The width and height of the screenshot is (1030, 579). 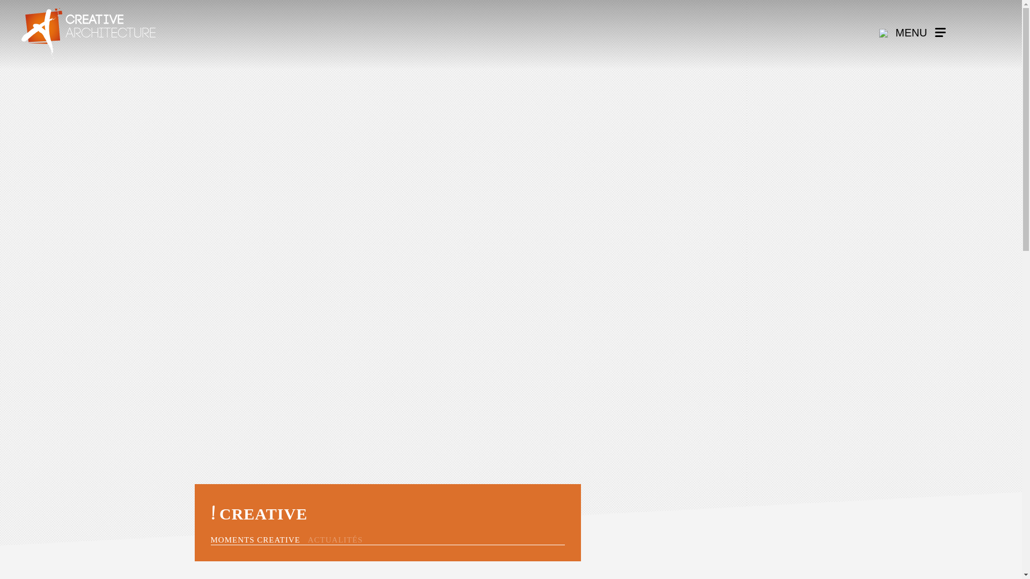 I want to click on 'MOMENTS CREATIVE', so click(x=257, y=539).